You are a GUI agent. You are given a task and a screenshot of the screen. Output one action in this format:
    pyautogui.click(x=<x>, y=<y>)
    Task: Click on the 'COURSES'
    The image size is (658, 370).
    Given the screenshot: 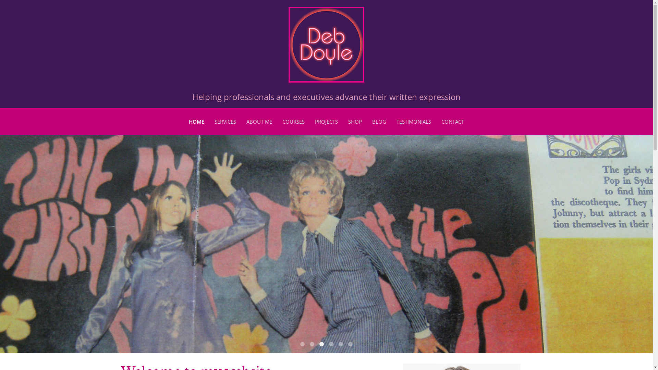 What is the action you would take?
    pyautogui.click(x=293, y=121)
    